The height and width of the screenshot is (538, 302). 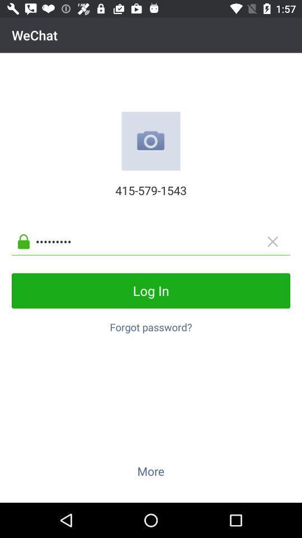 What do you see at coordinates (159, 242) in the screenshot?
I see `the item above log in item` at bounding box center [159, 242].